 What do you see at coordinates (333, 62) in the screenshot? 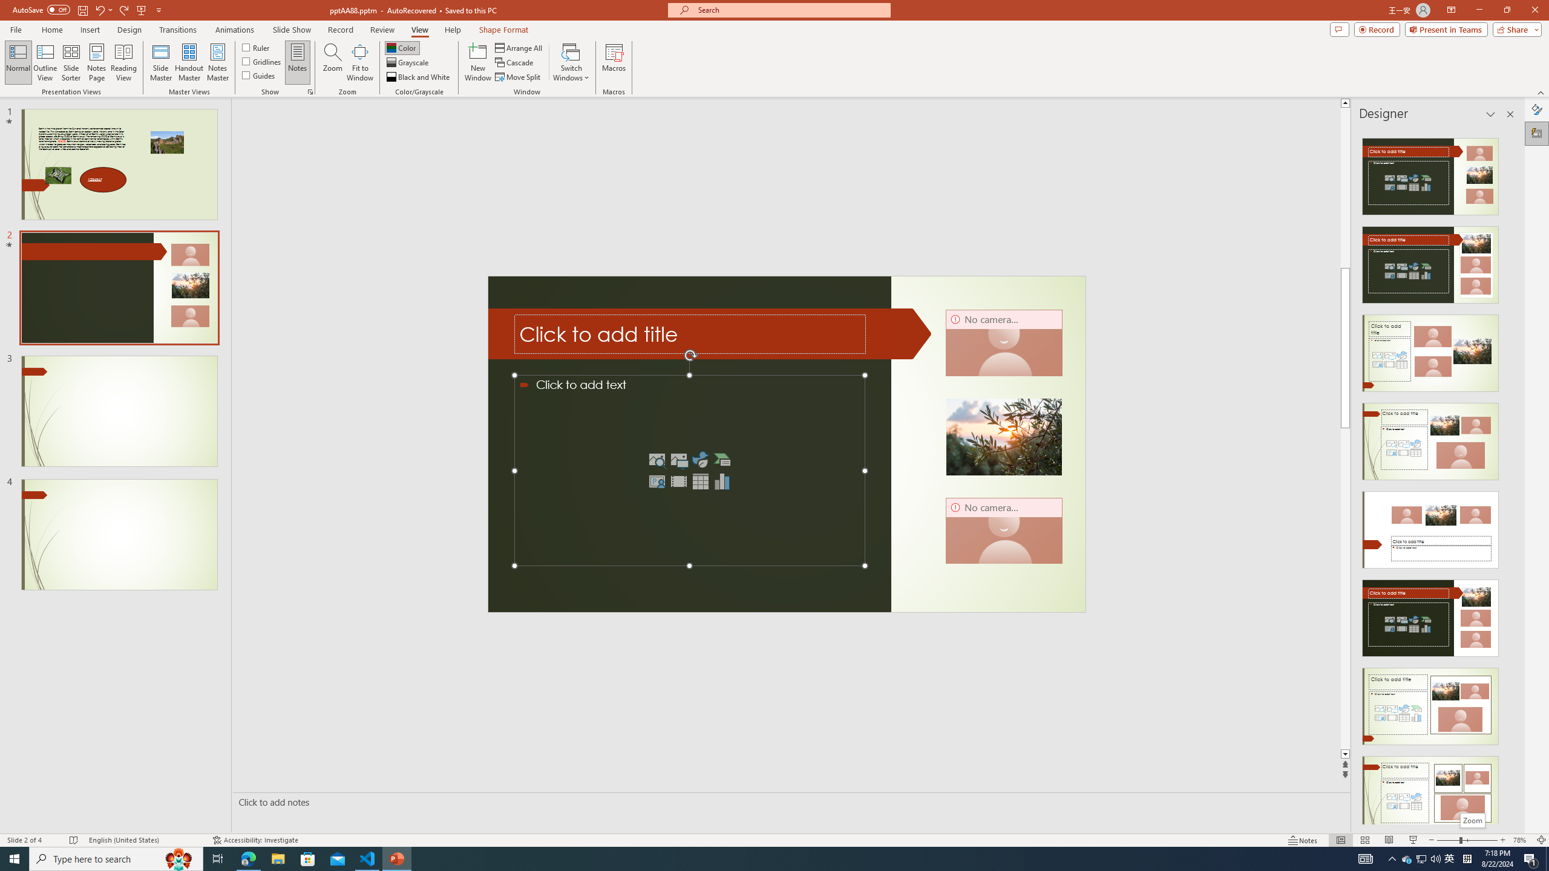
I see `'Zoom...'` at bounding box center [333, 62].